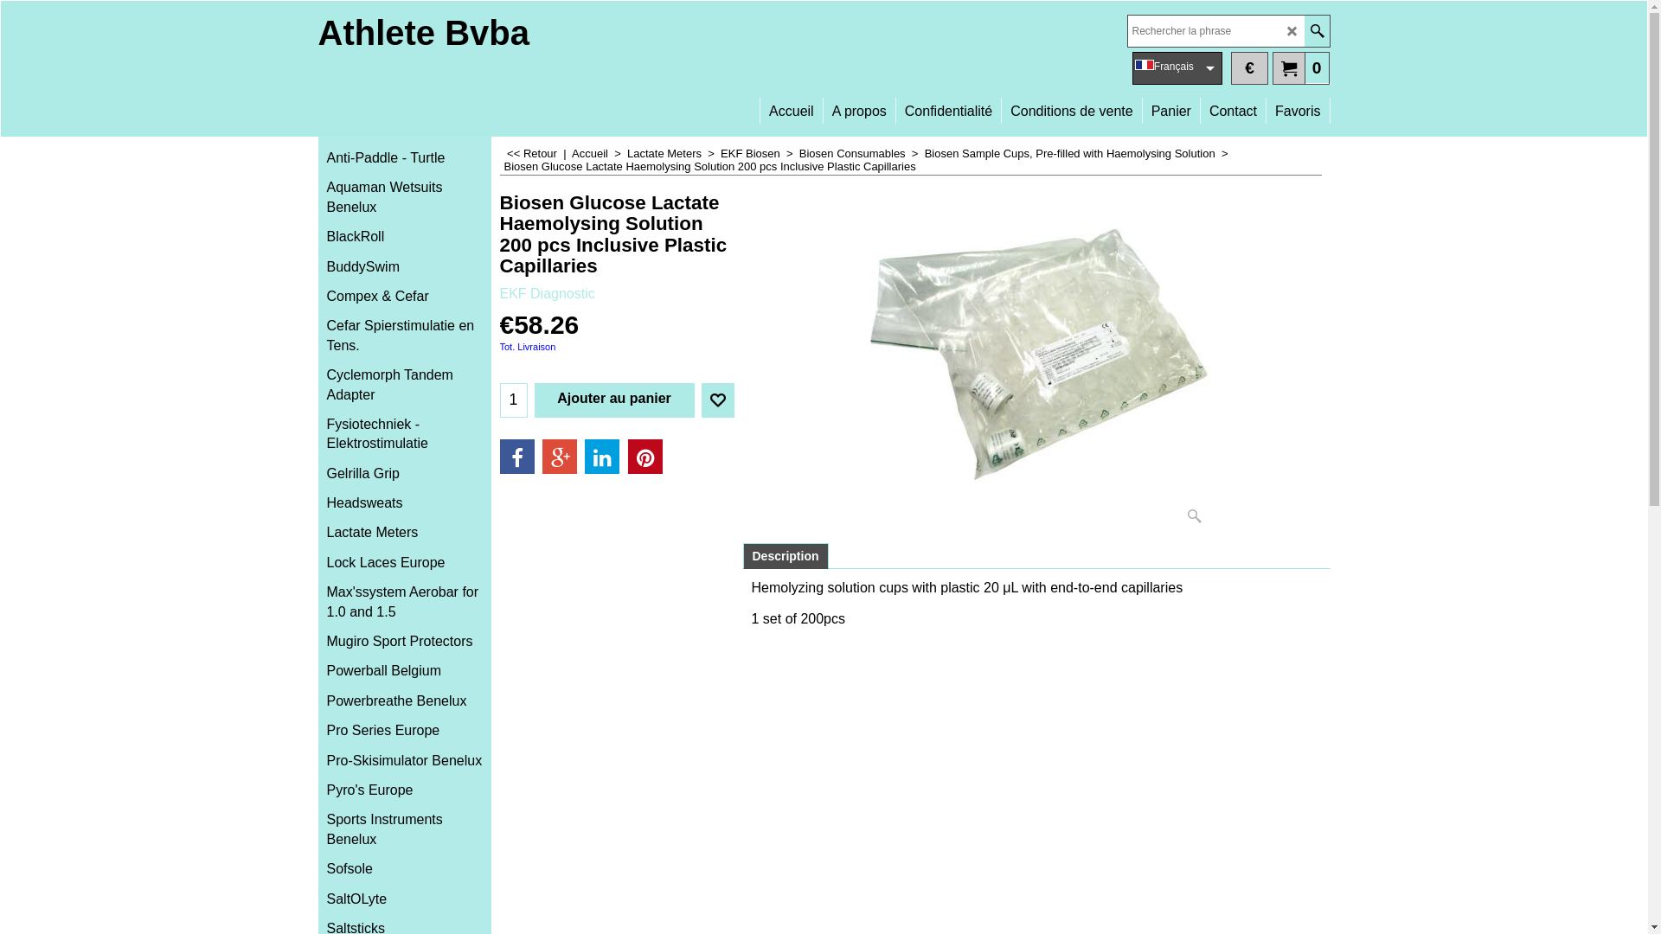 The height and width of the screenshot is (934, 1661). What do you see at coordinates (404, 296) in the screenshot?
I see `'Compex & Cefar'` at bounding box center [404, 296].